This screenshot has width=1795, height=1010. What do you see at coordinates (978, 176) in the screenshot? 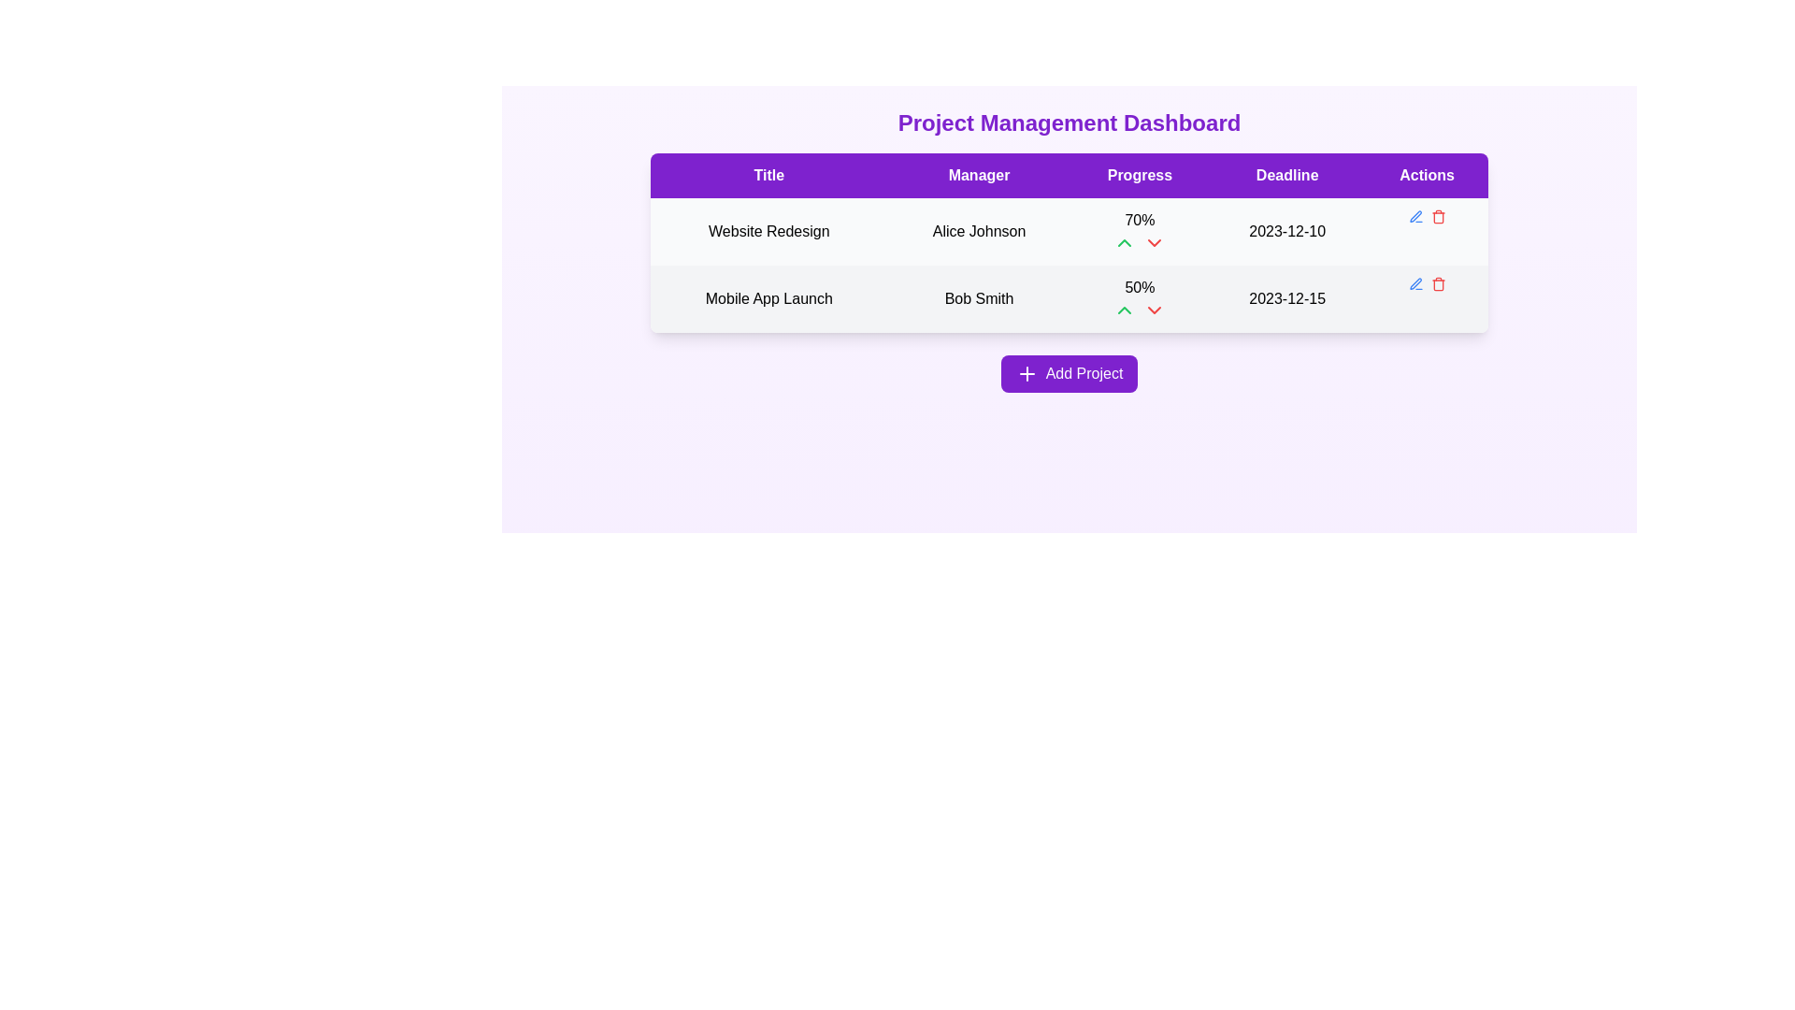
I see `text label indicating 'Manager' in the second column header of the table under the 'Project Management Dashboard'` at bounding box center [978, 176].